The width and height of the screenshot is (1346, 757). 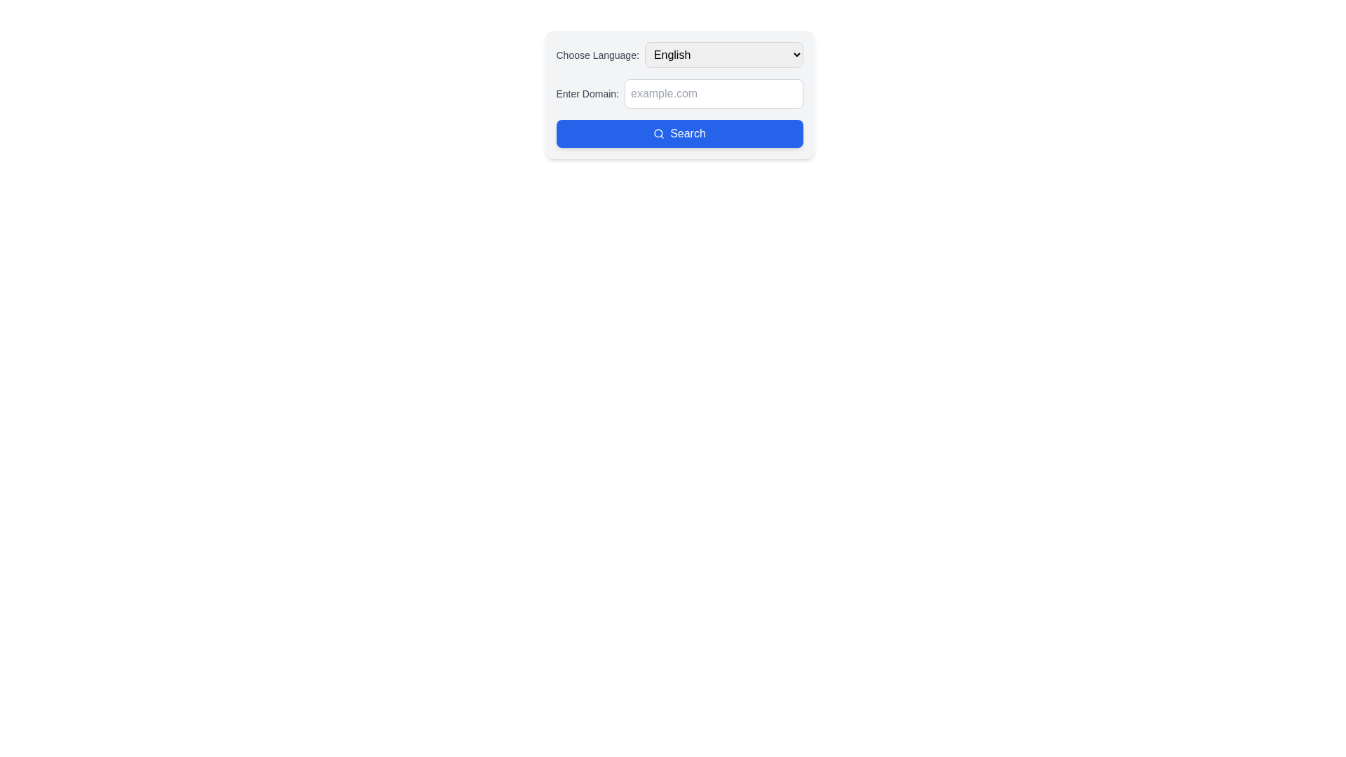 What do you see at coordinates (679, 134) in the screenshot?
I see `the blue rectangular button labeled 'Search' with a white search icon` at bounding box center [679, 134].